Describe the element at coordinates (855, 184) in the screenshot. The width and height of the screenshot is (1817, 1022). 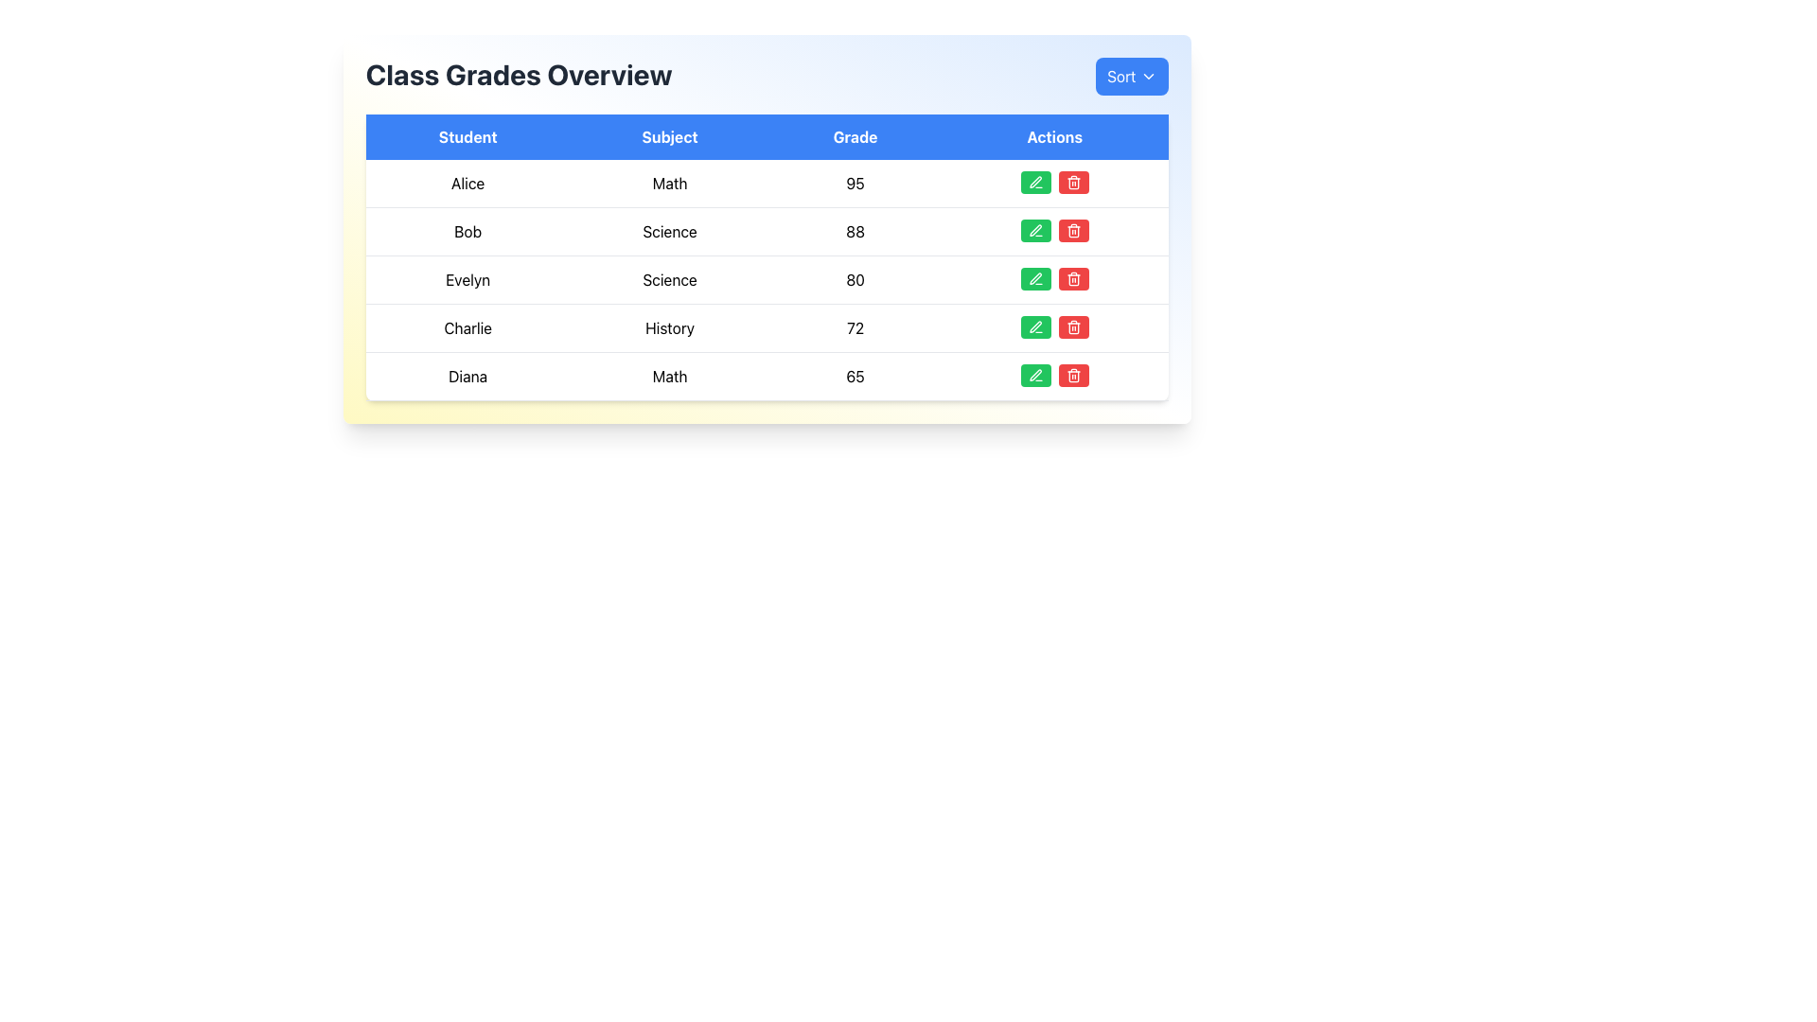
I see `the Text Display showing the grade value for student 'Alice' in the 'Math' subject, located in the first row under the 'Grade' column` at that location.